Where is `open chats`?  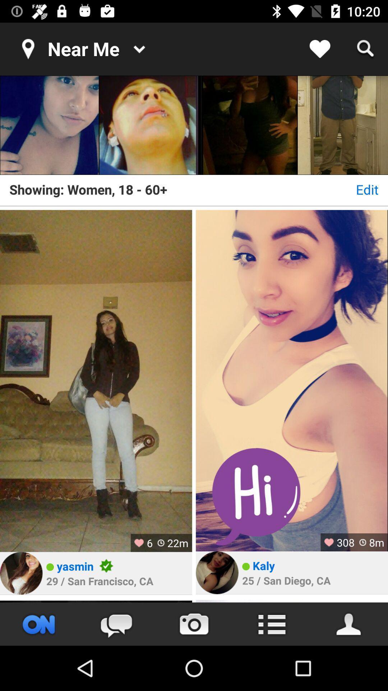 open chats is located at coordinates (116, 624).